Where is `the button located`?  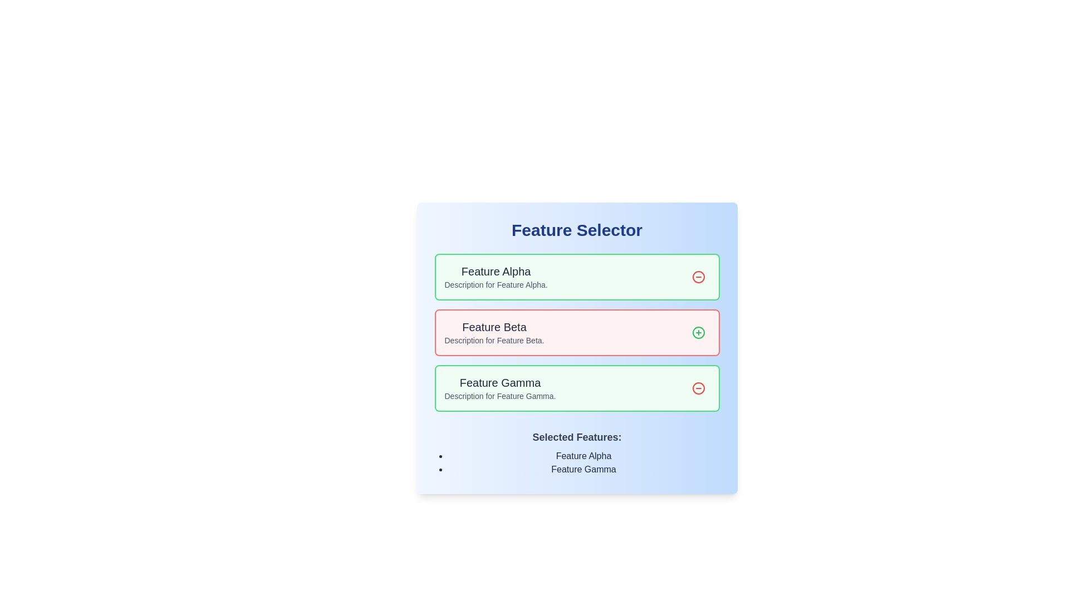 the button located is located at coordinates (698, 332).